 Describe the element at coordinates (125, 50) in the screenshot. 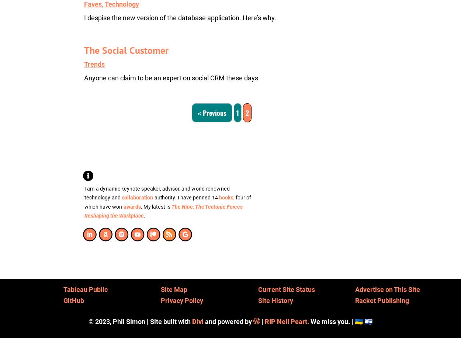

I see `'The Social Customer'` at that location.